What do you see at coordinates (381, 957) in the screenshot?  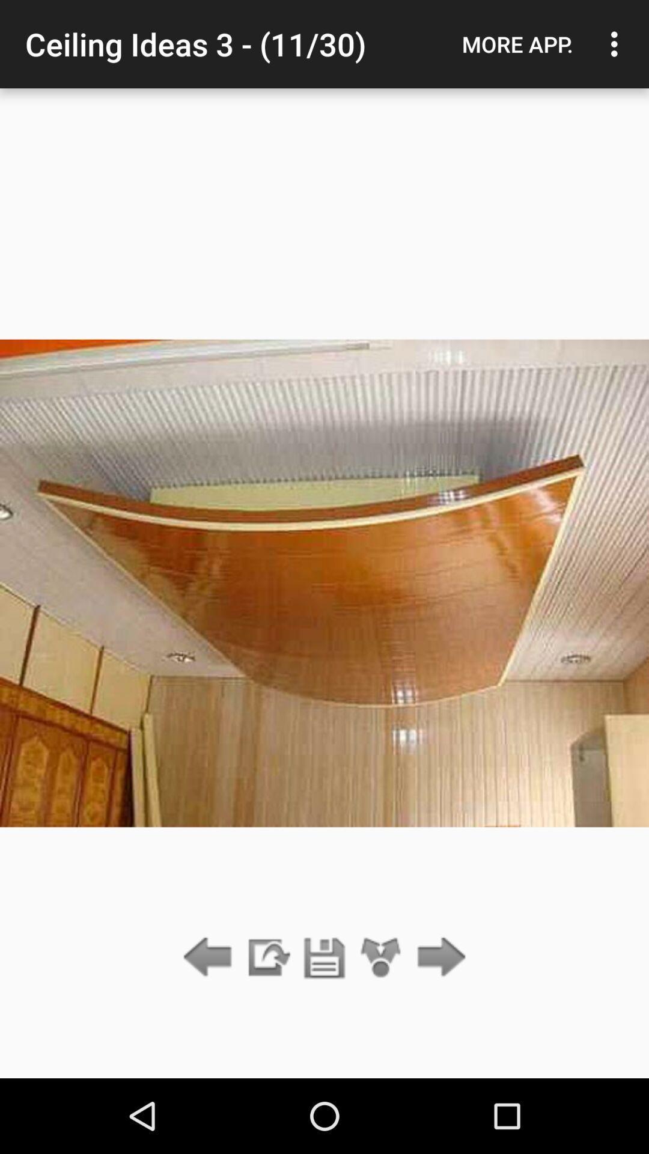 I see `share` at bounding box center [381, 957].